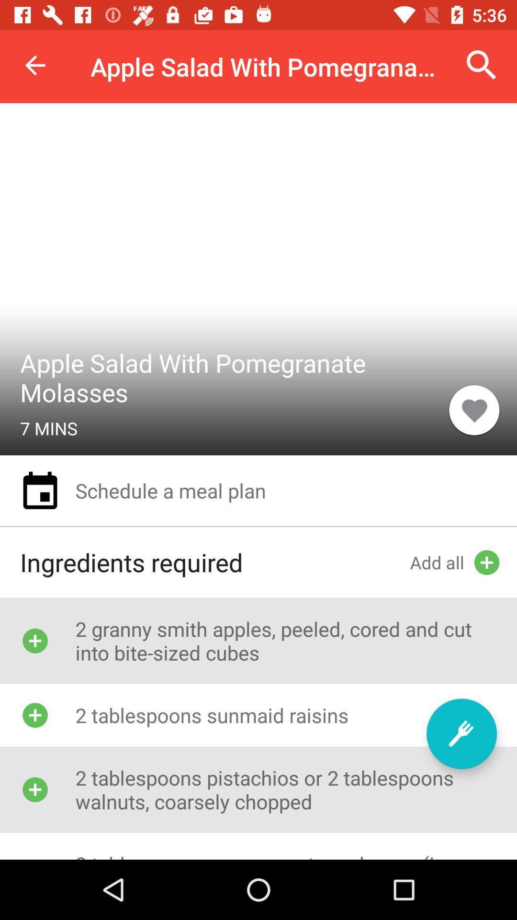  Describe the element at coordinates (474, 410) in the screenshot. I see `icon above the schedule a meal item` at that location.